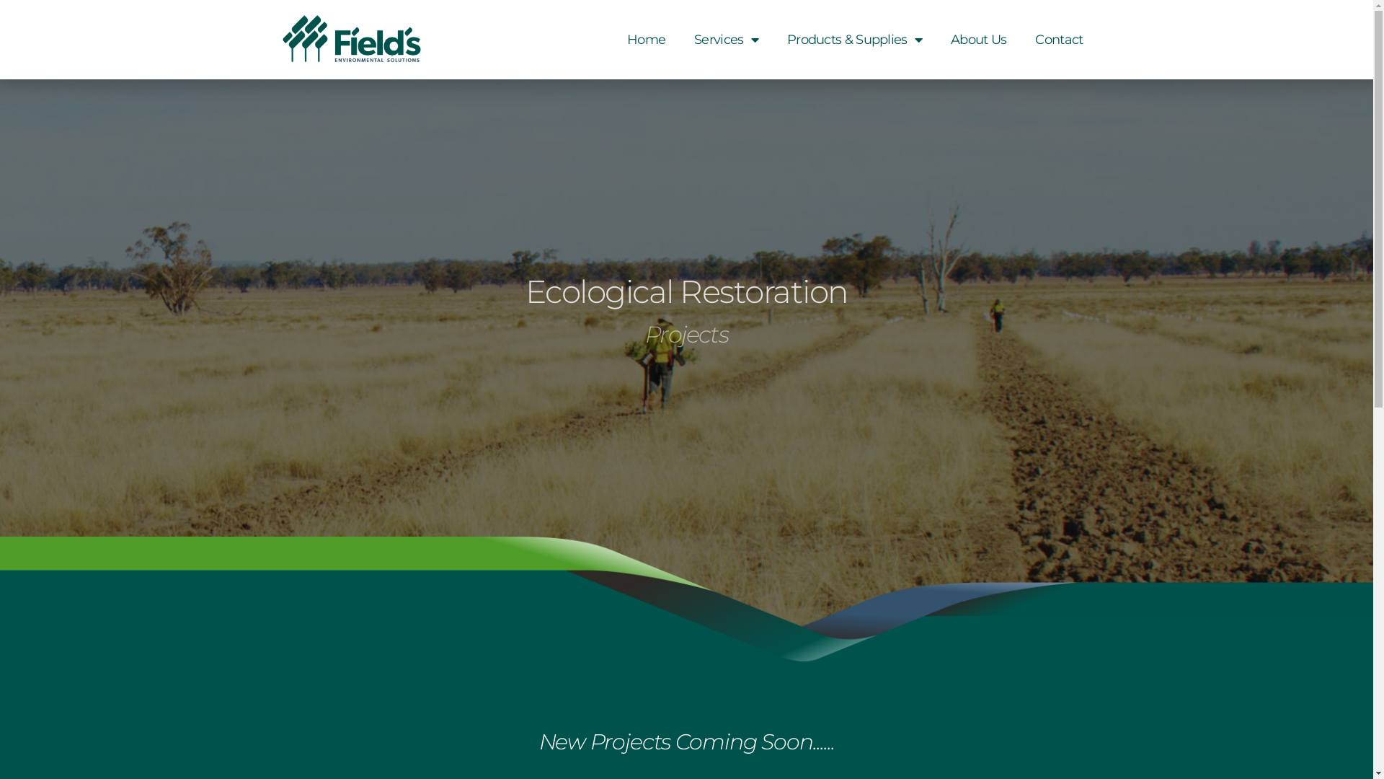 The height and width of the screenshot is (779, 1384). What do you see at coordinates (1058, 38) in the screenshot?
I see `'Contact'` at bounding box center [1058, 38].